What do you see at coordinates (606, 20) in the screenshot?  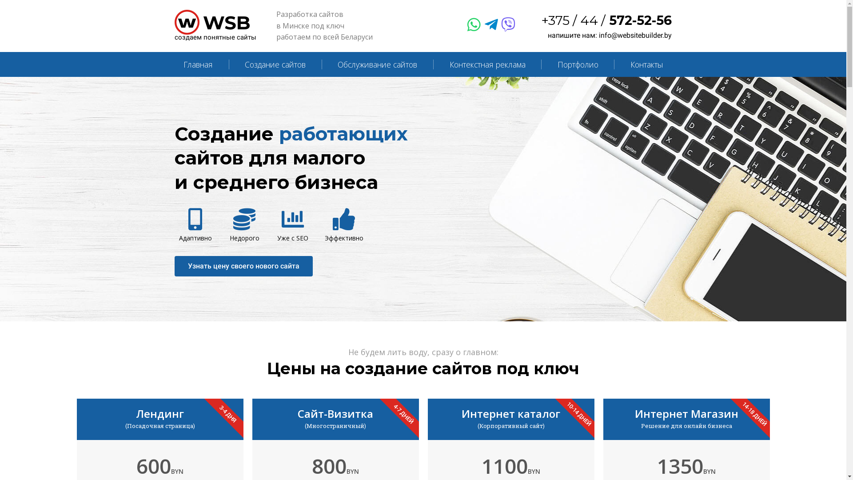 I see `'+375 / 44 / 572-52-56'` at bounding box center [606, 20].